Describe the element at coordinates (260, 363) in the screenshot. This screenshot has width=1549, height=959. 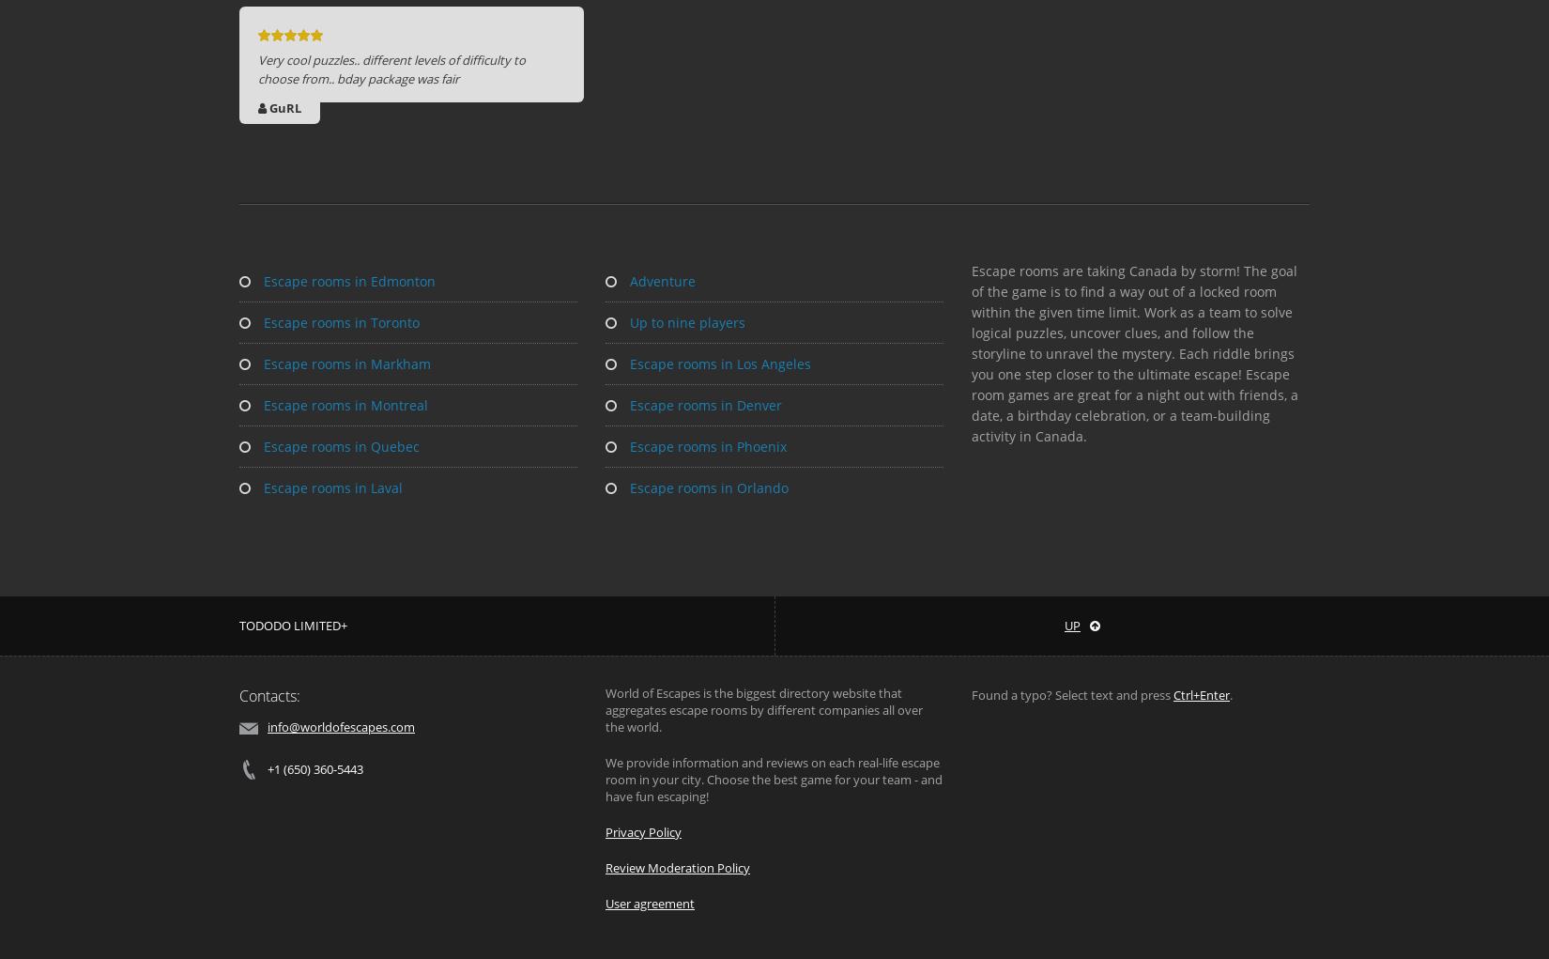
I see `'Escape rooms in Markham'` at that location.